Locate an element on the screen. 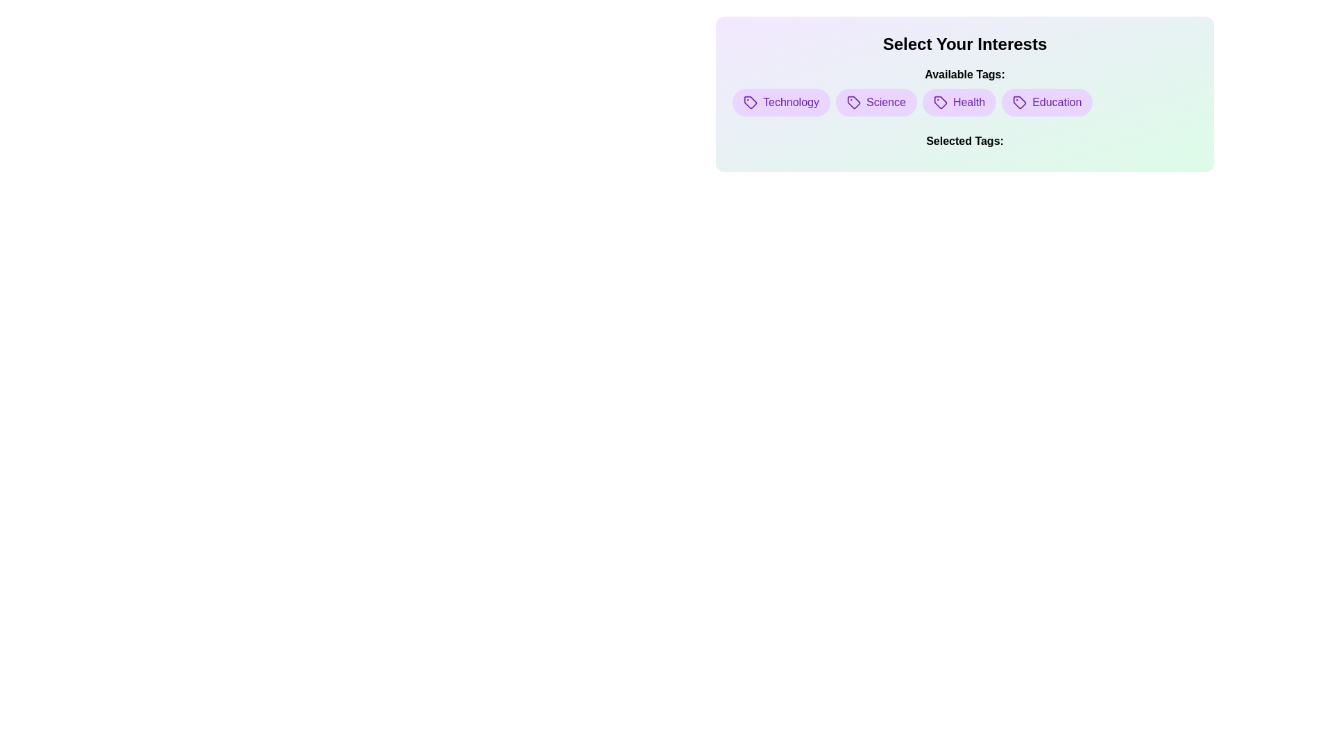 The image size is (1332, 749). the 'Education' tag icon located on the far right of the available tags is located at coordinates (1020, 101).